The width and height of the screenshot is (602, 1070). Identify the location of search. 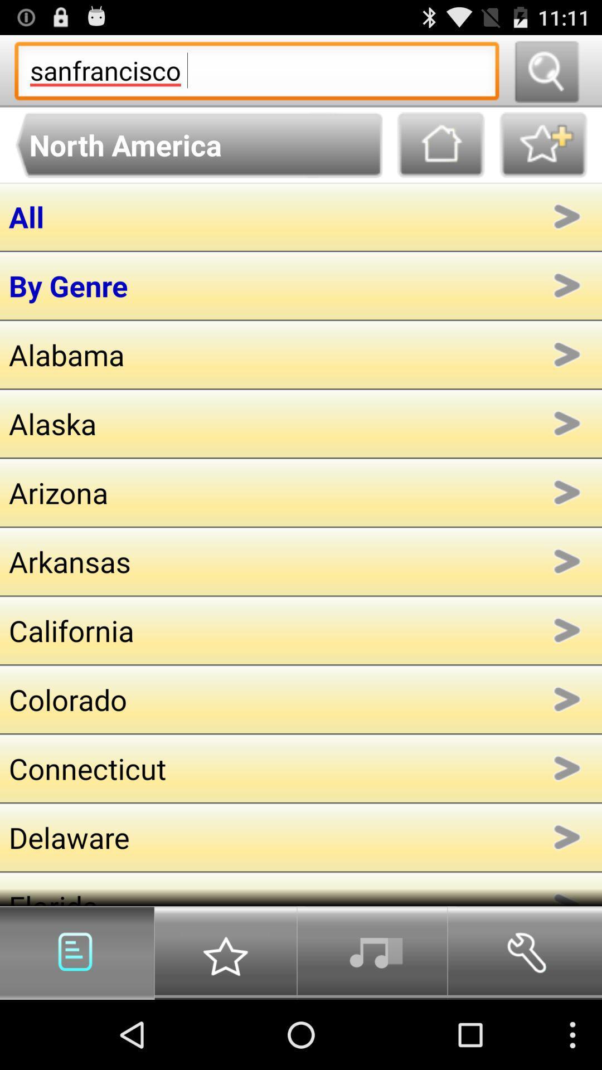
(546, 70).